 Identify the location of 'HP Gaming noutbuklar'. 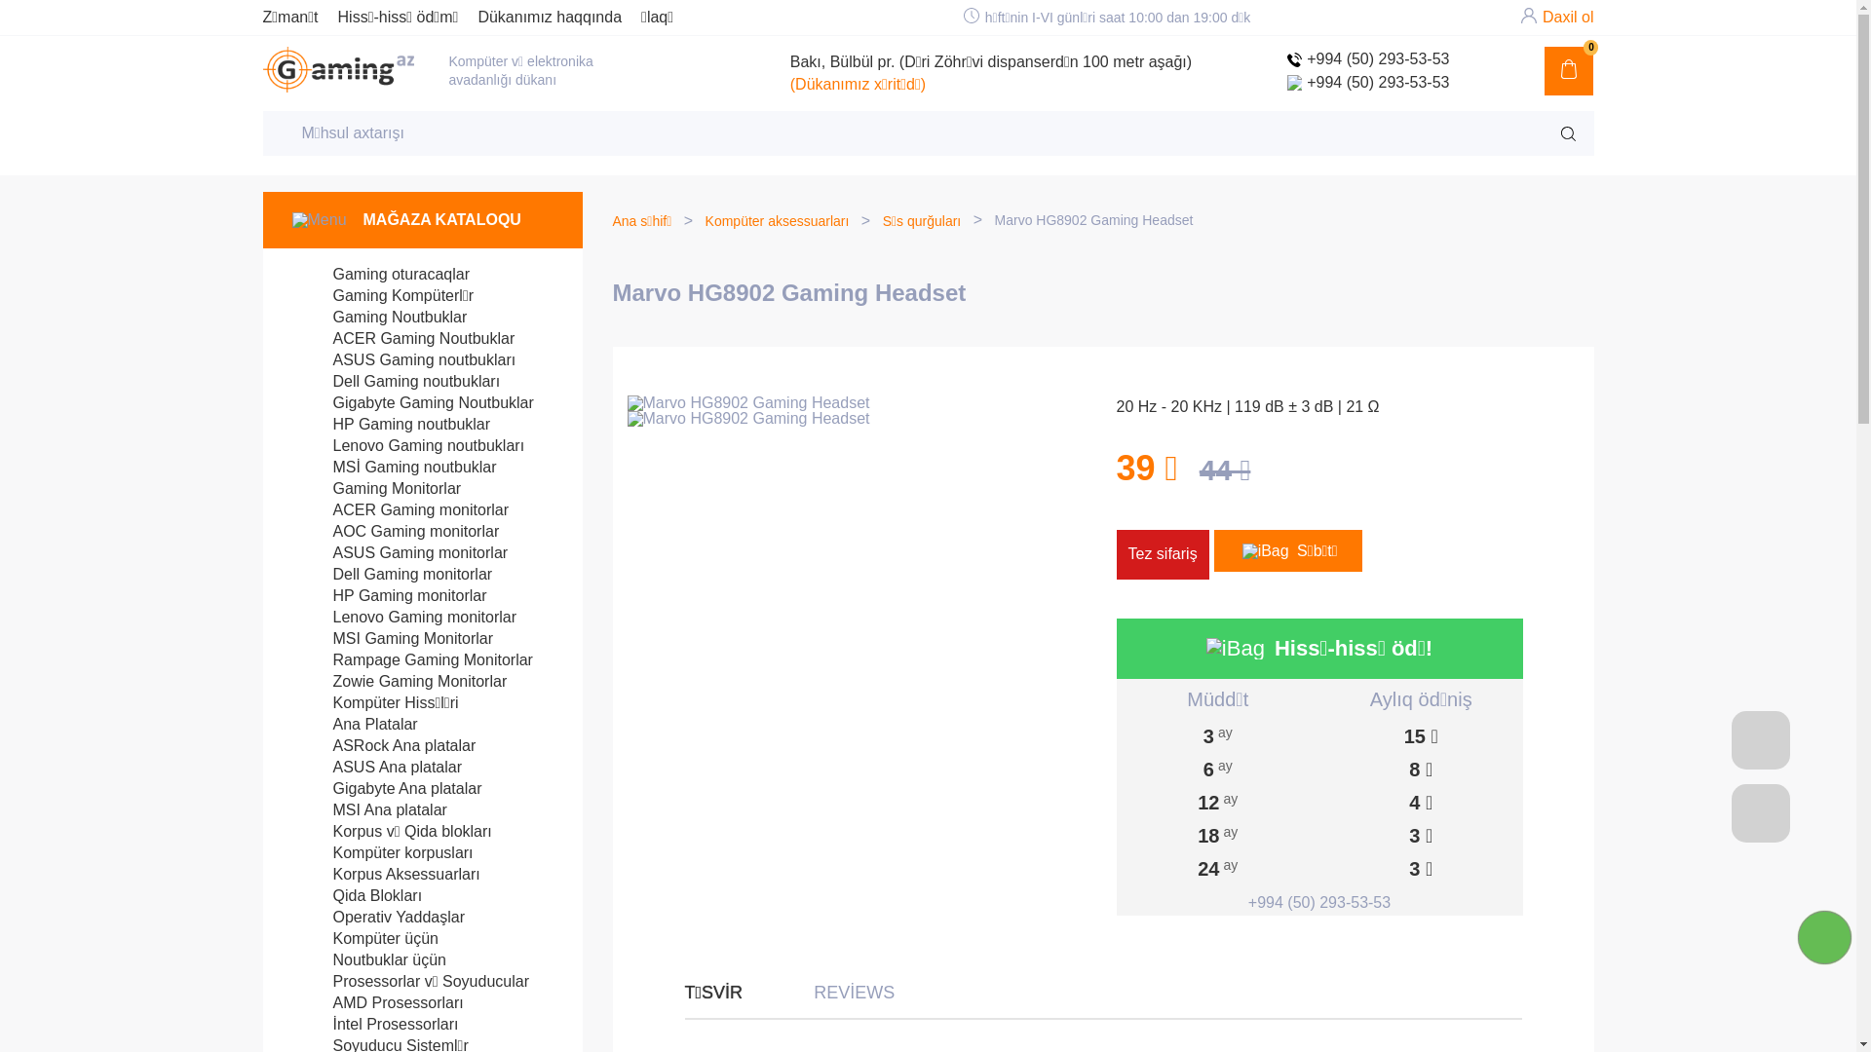
(391, 423).